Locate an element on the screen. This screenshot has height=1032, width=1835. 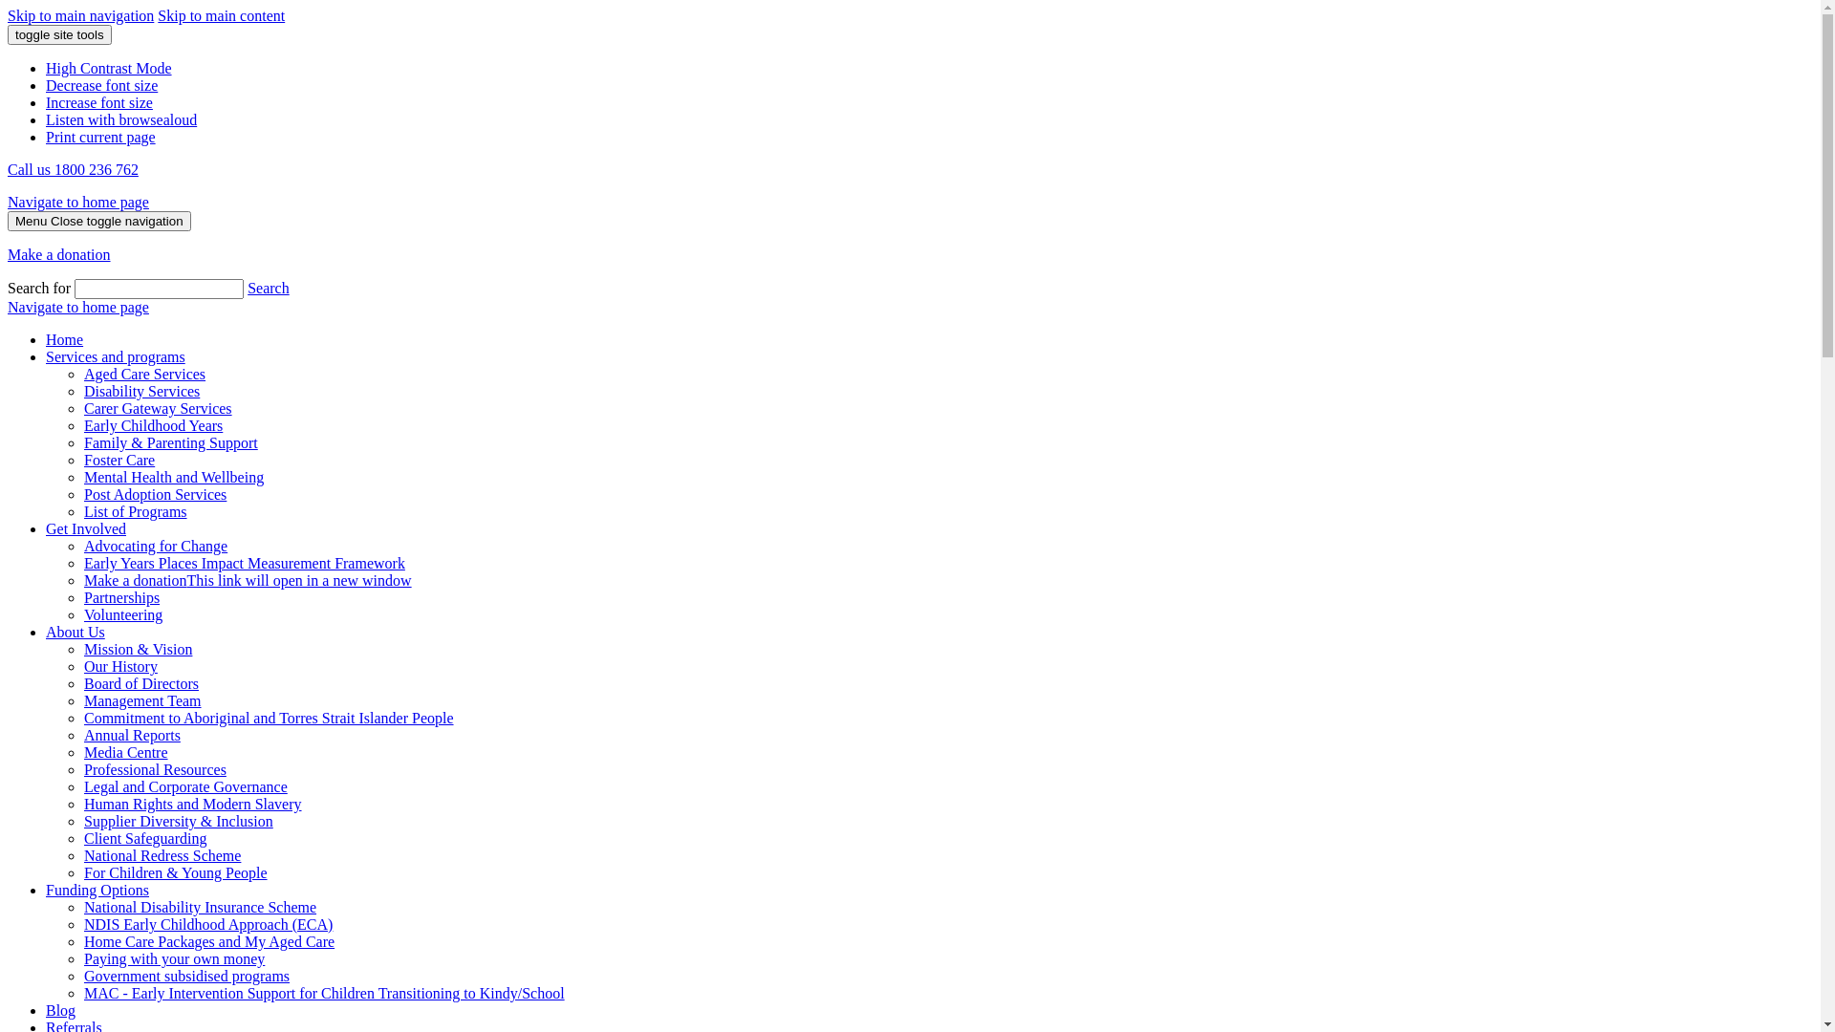
'Listen with browsealoud' is located at coordinates (119, 119).